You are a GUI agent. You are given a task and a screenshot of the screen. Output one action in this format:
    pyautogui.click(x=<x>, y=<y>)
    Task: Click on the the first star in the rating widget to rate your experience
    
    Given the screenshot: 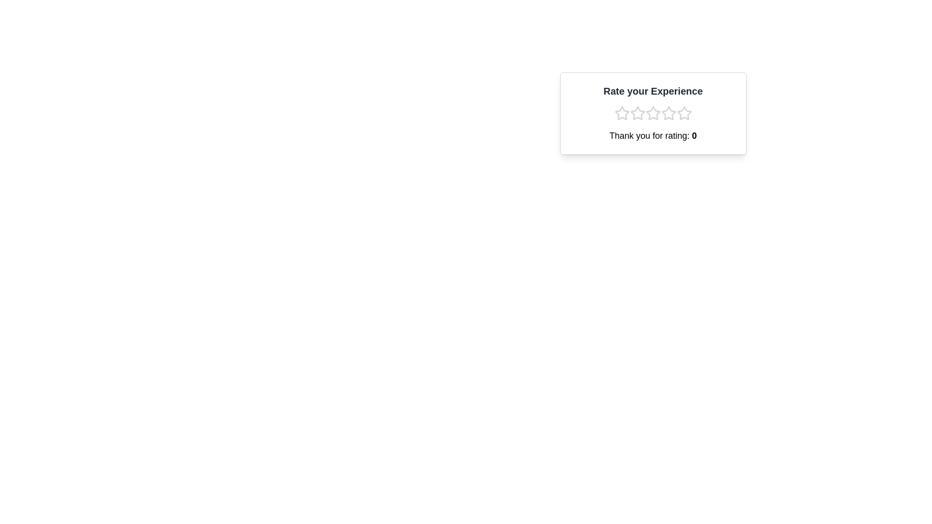 What is the action you would take?
    pyautogui.click(x=622, y=113)
    